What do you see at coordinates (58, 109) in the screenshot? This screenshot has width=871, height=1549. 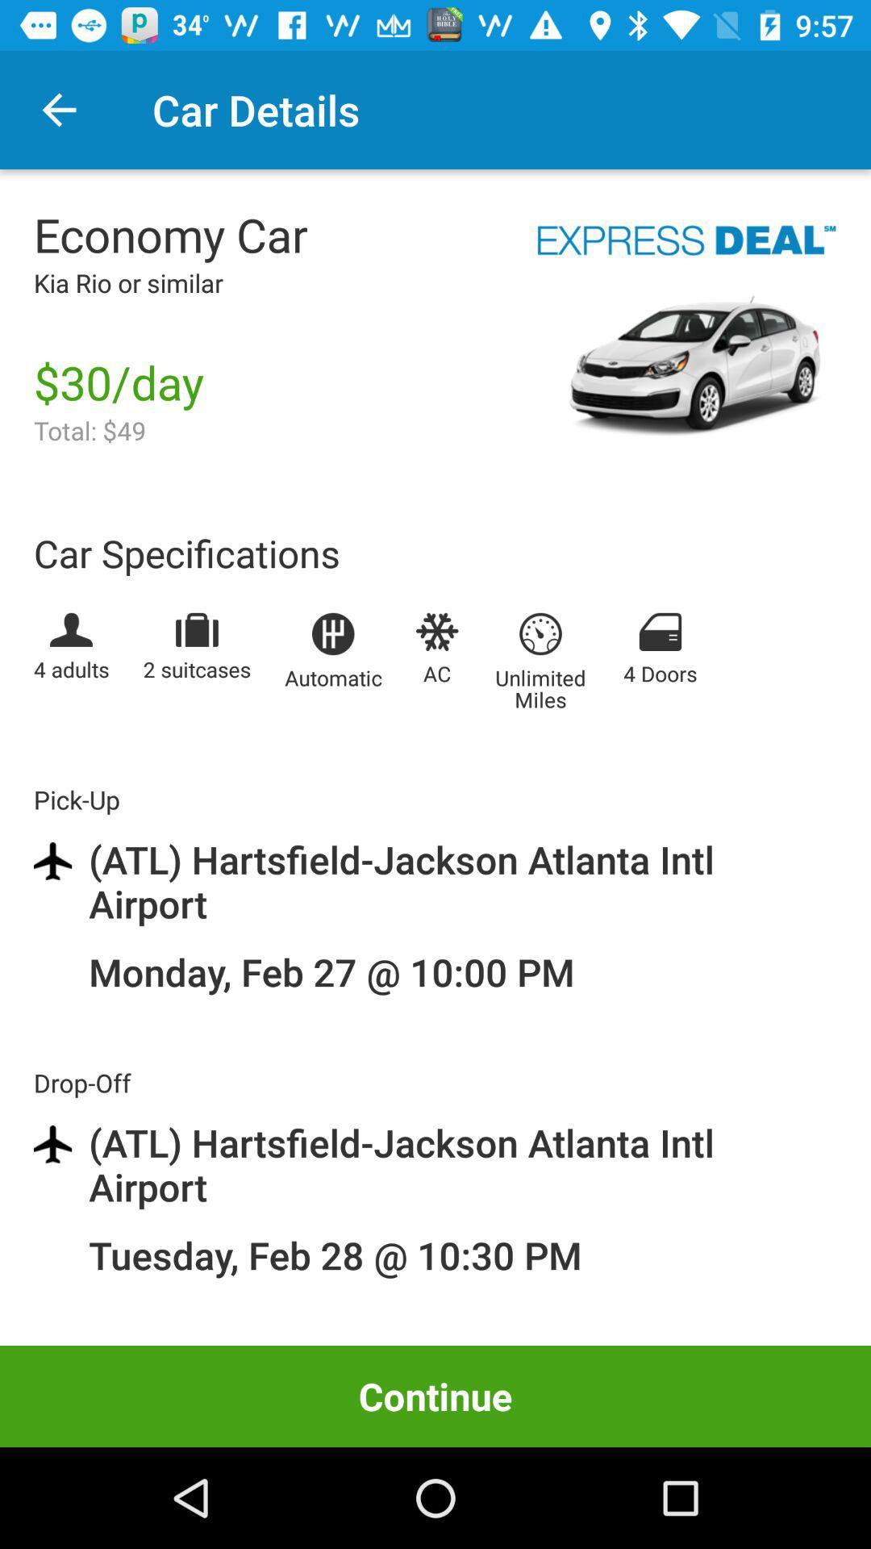 I see `the item to the left of the car details icon` at bounding box center [58, 109].